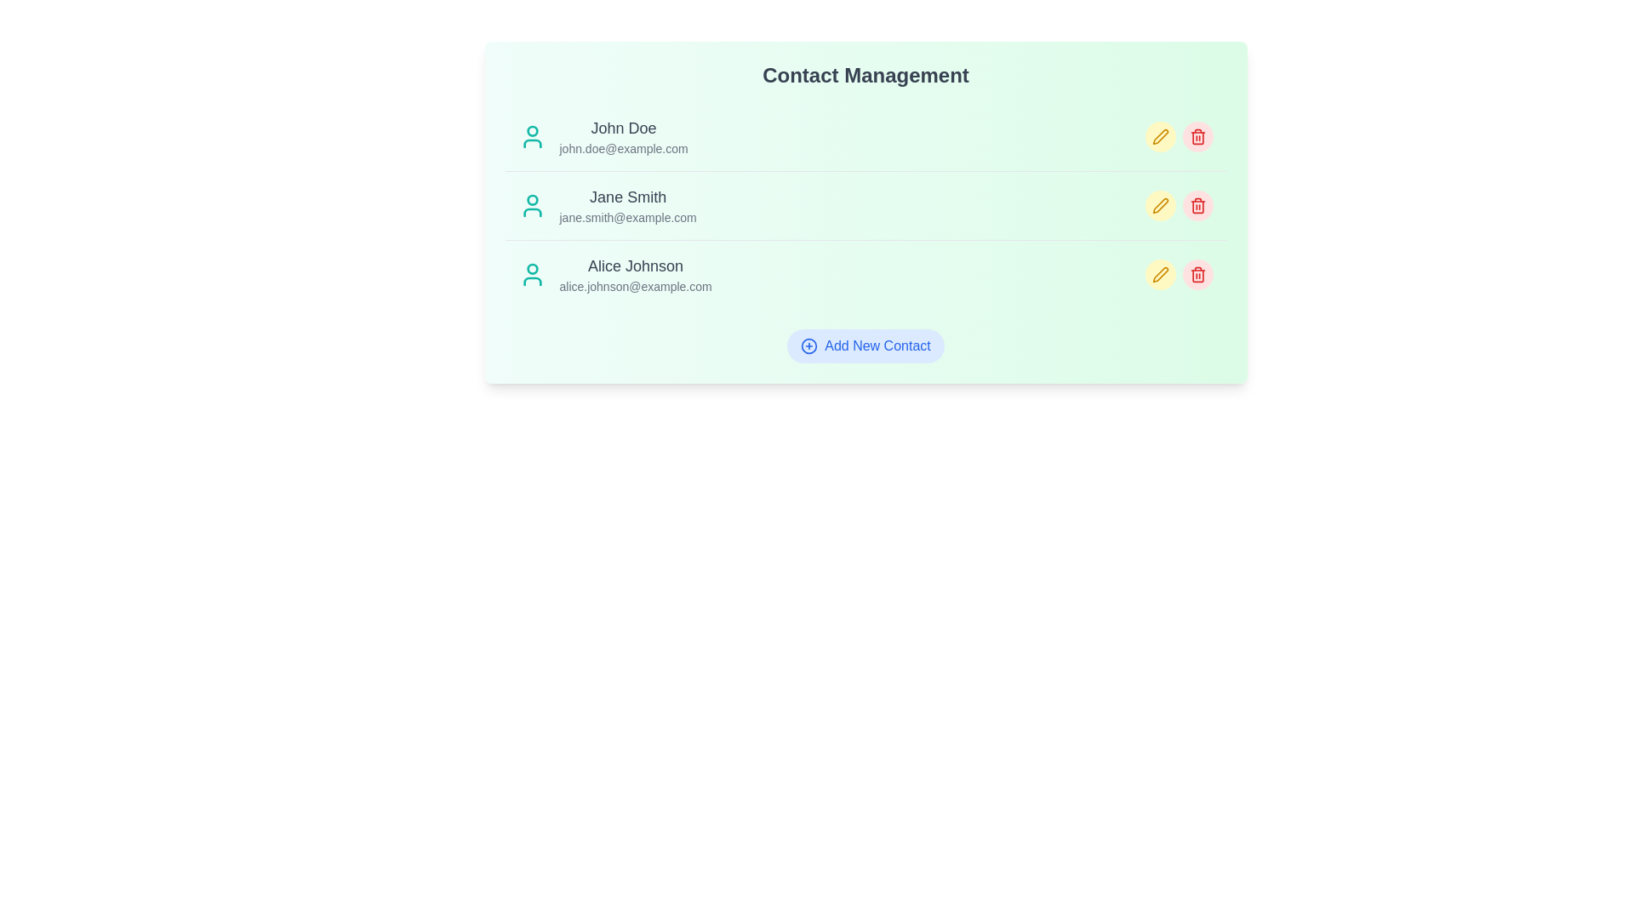 The width and height of the screenshot is (1634, 919). I want to click on delete icon next to the contact with name Jane Smith, so click(1197, 205).